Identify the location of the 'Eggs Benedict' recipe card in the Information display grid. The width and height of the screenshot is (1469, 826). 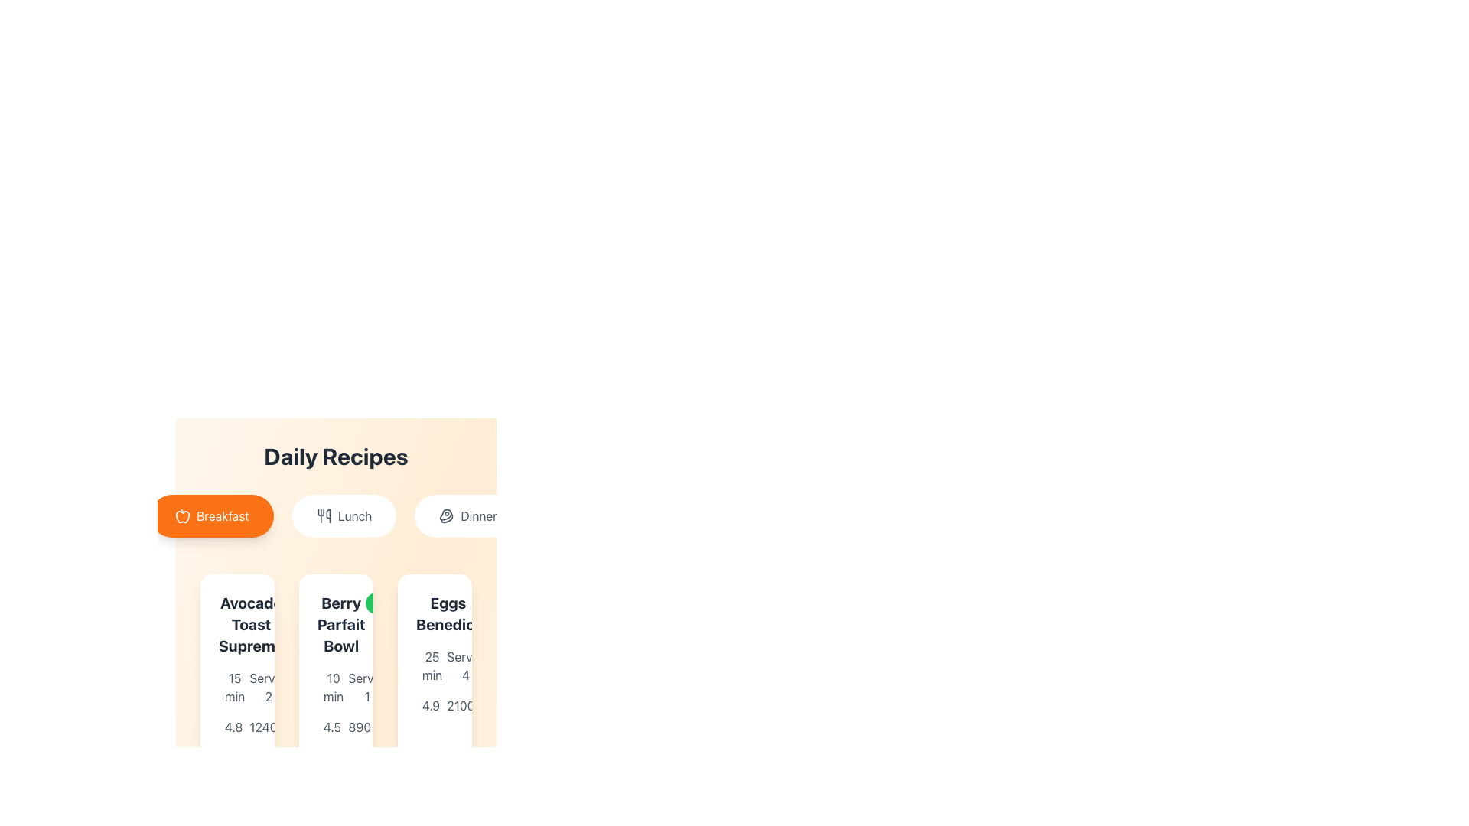
(434, 681).